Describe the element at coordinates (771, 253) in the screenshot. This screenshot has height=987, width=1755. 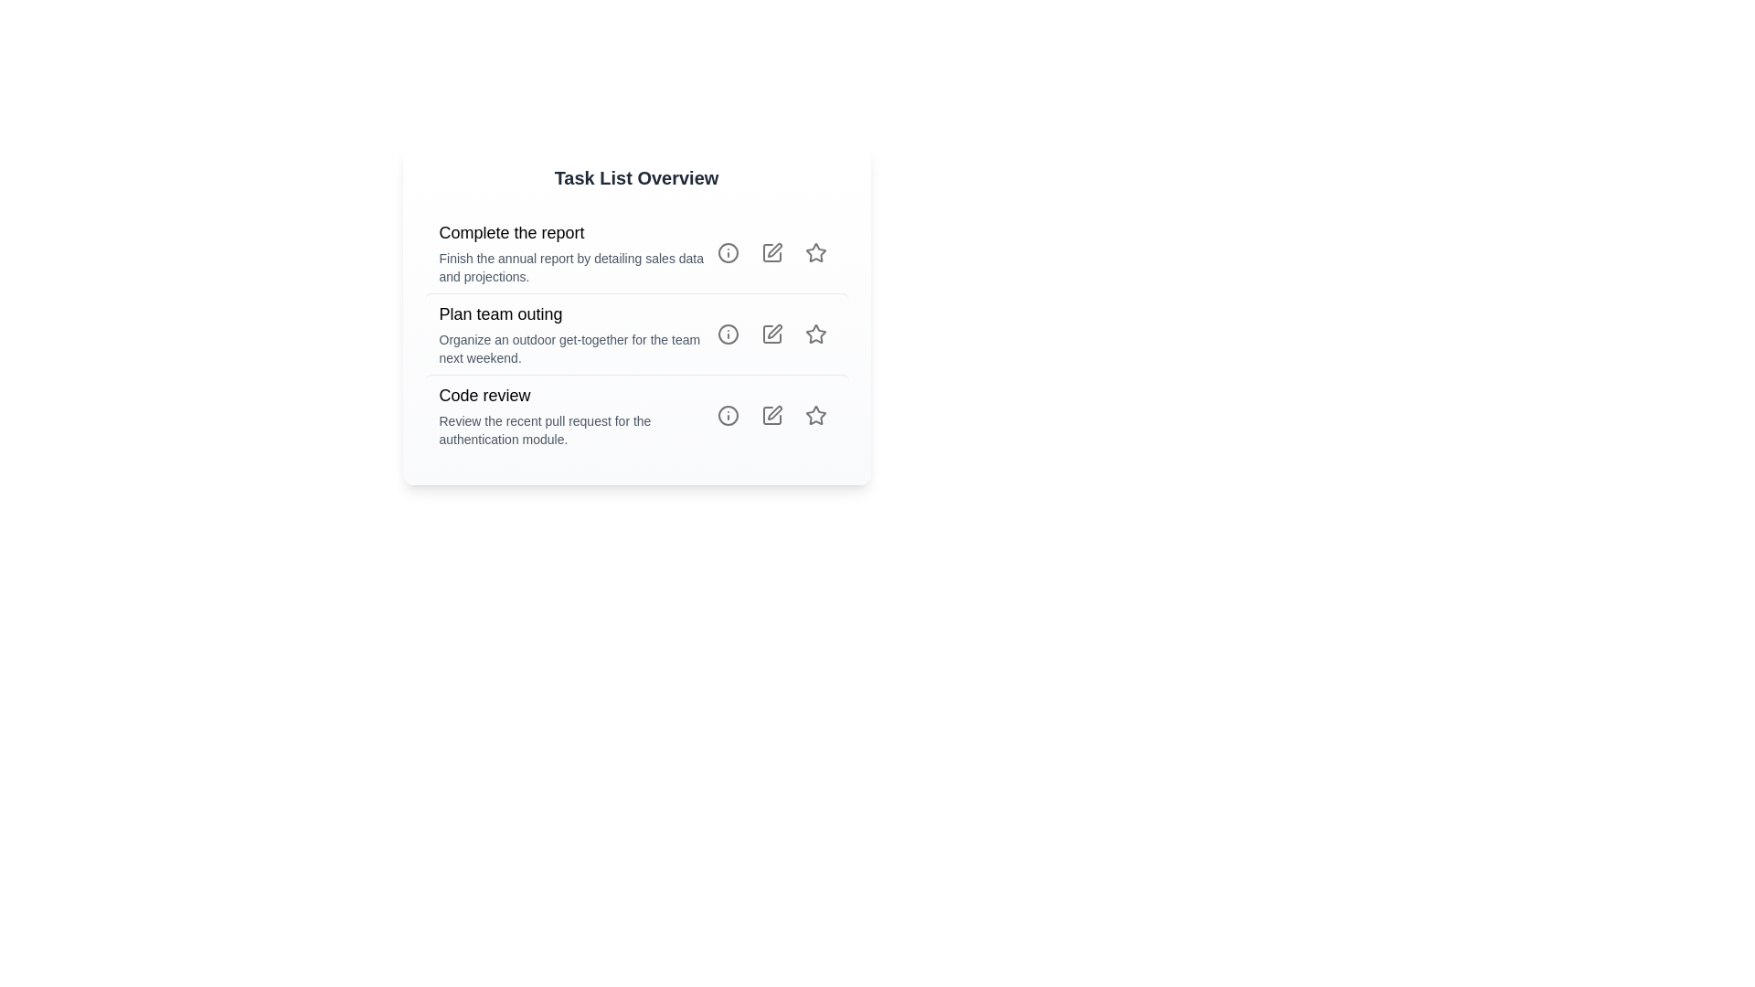
I see `the edit action button located to the right of the task labeled 'Complete the report'` at that location.